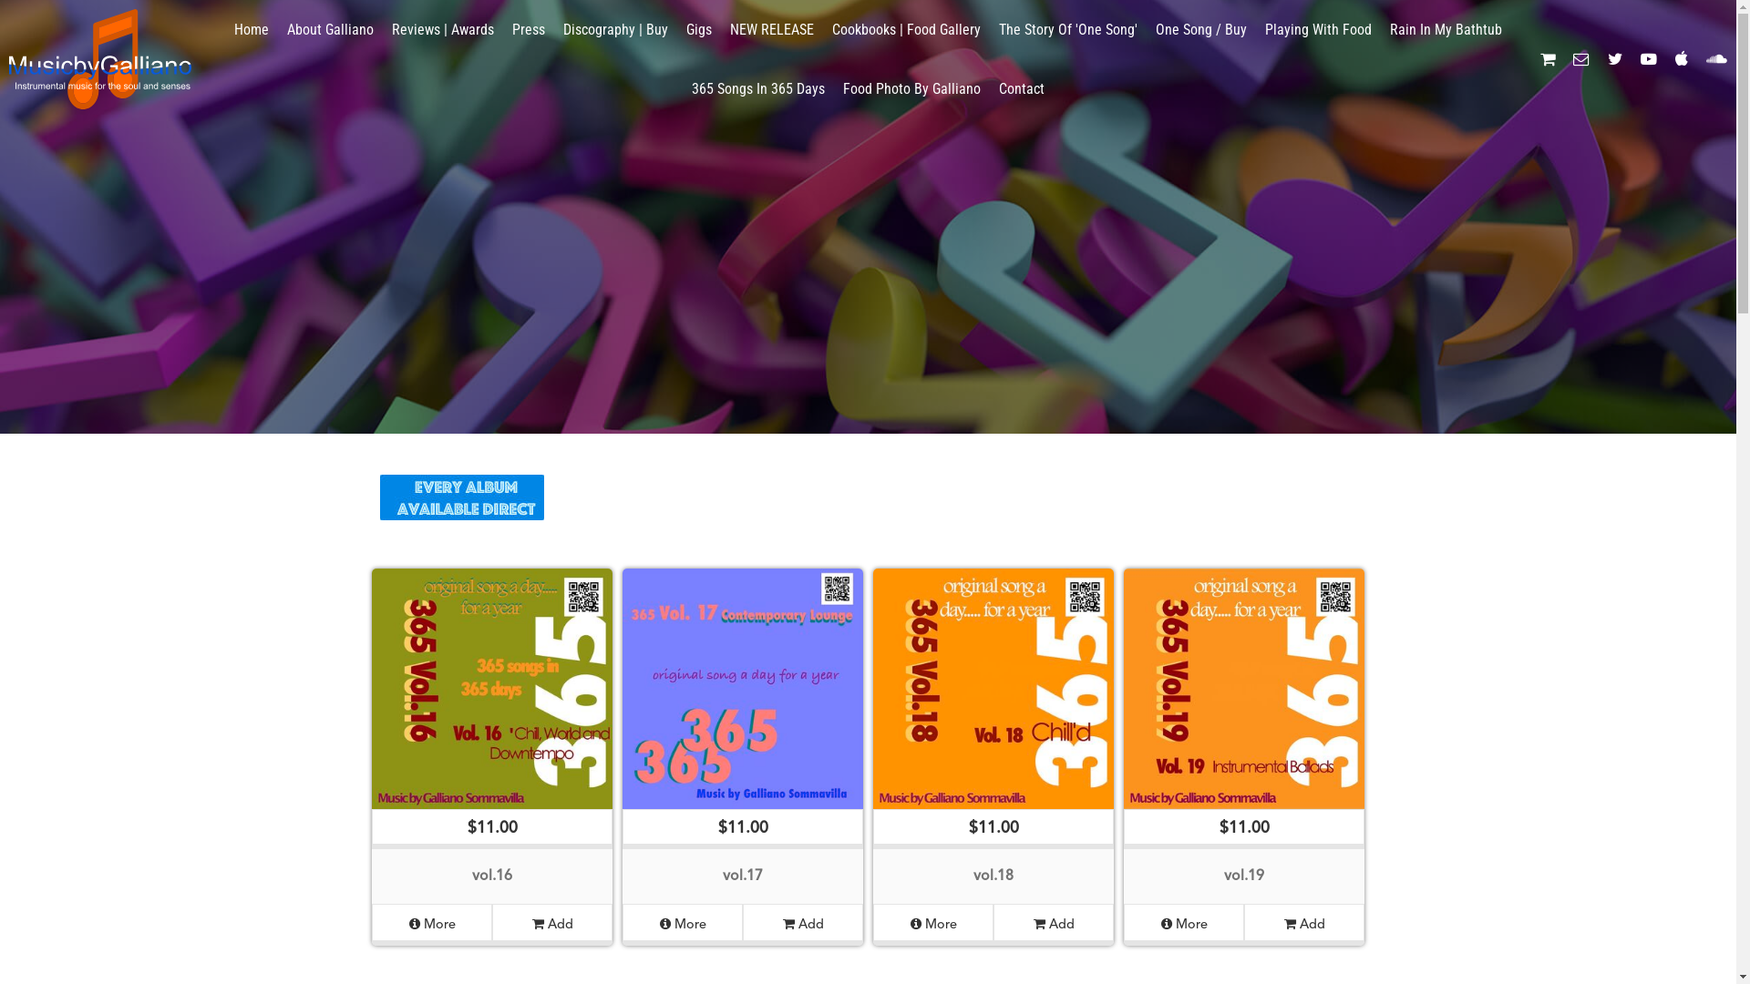 This screenshot has height=984, width=1750. I want to click on 'NEW RELEASE', so click(771, 28).